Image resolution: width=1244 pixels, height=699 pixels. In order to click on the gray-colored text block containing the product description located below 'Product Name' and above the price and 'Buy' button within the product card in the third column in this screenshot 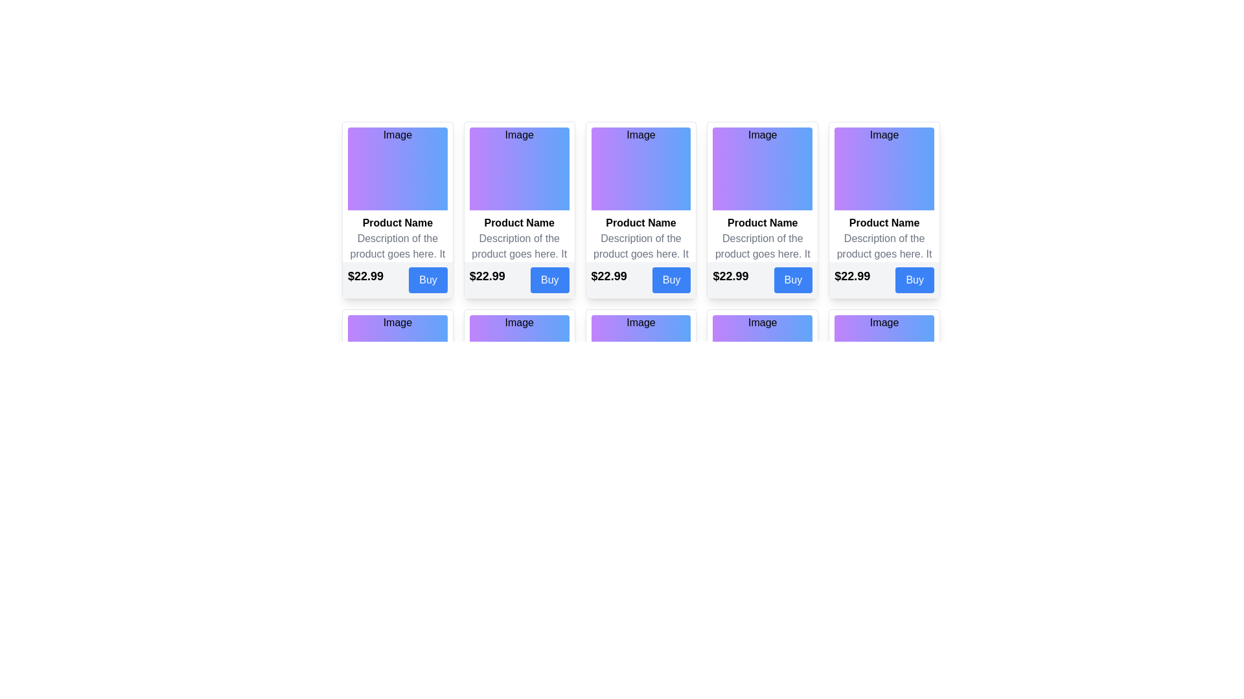, I will do `click(641, 262)`.